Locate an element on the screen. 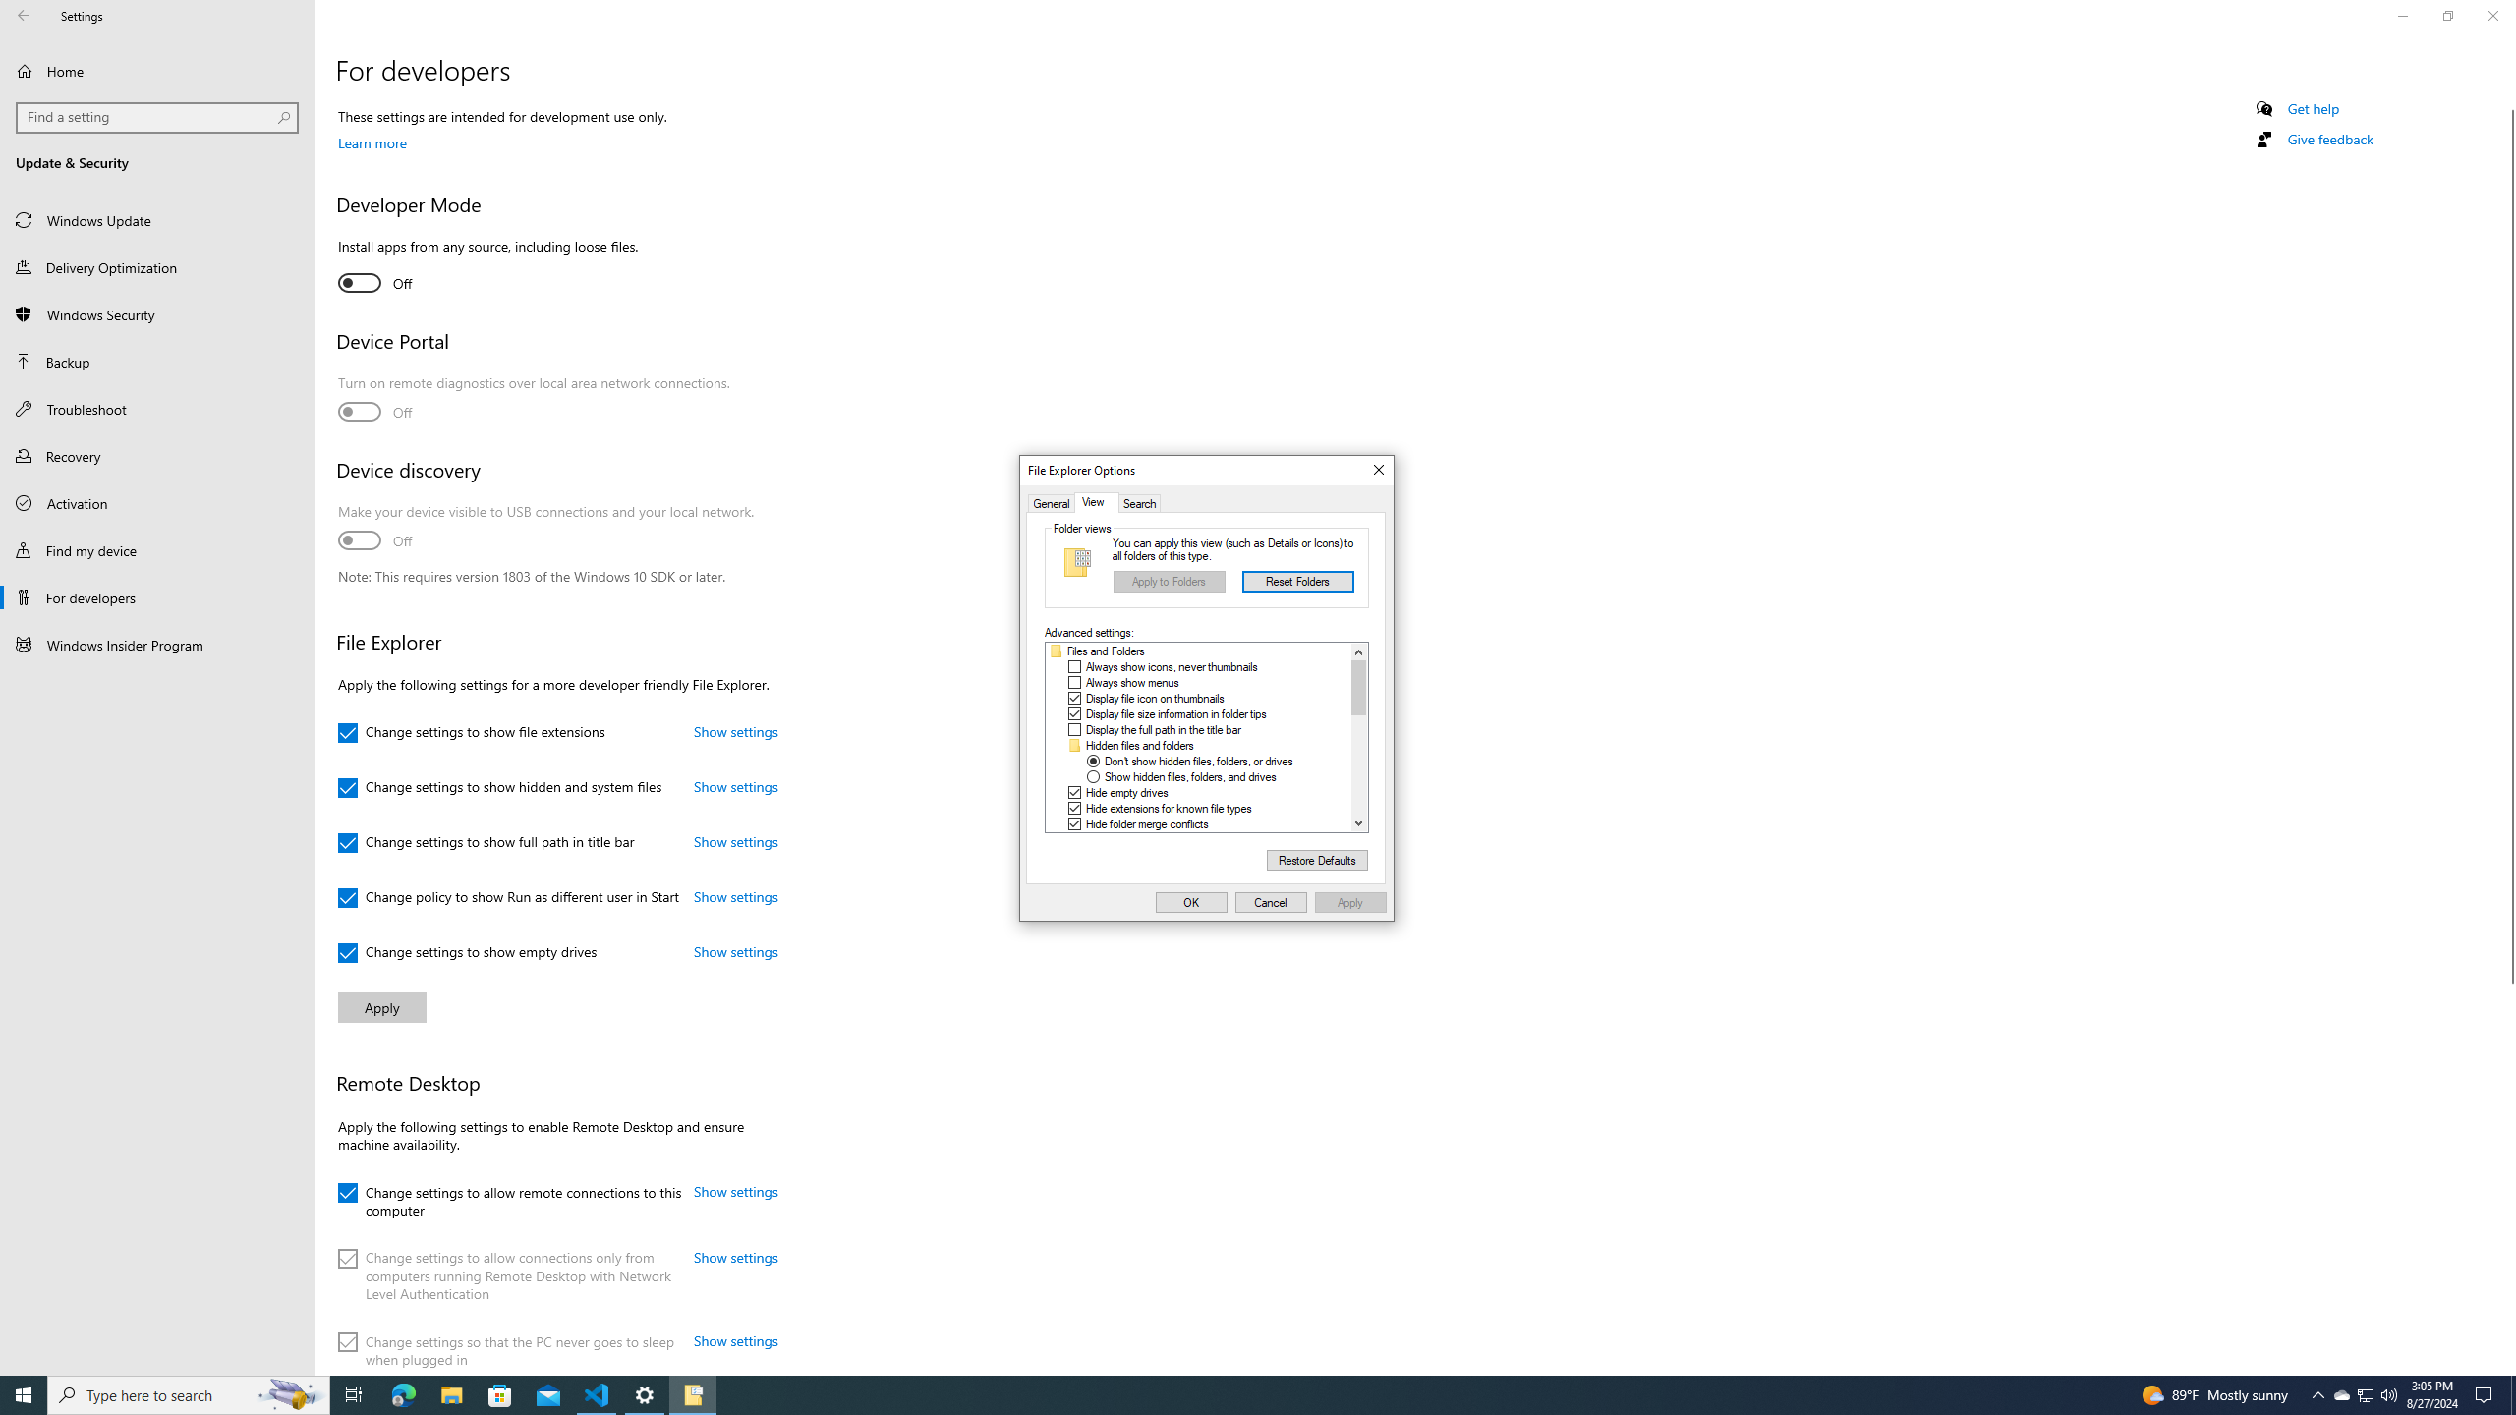  'Start' is located at coordinates (24, 1393).